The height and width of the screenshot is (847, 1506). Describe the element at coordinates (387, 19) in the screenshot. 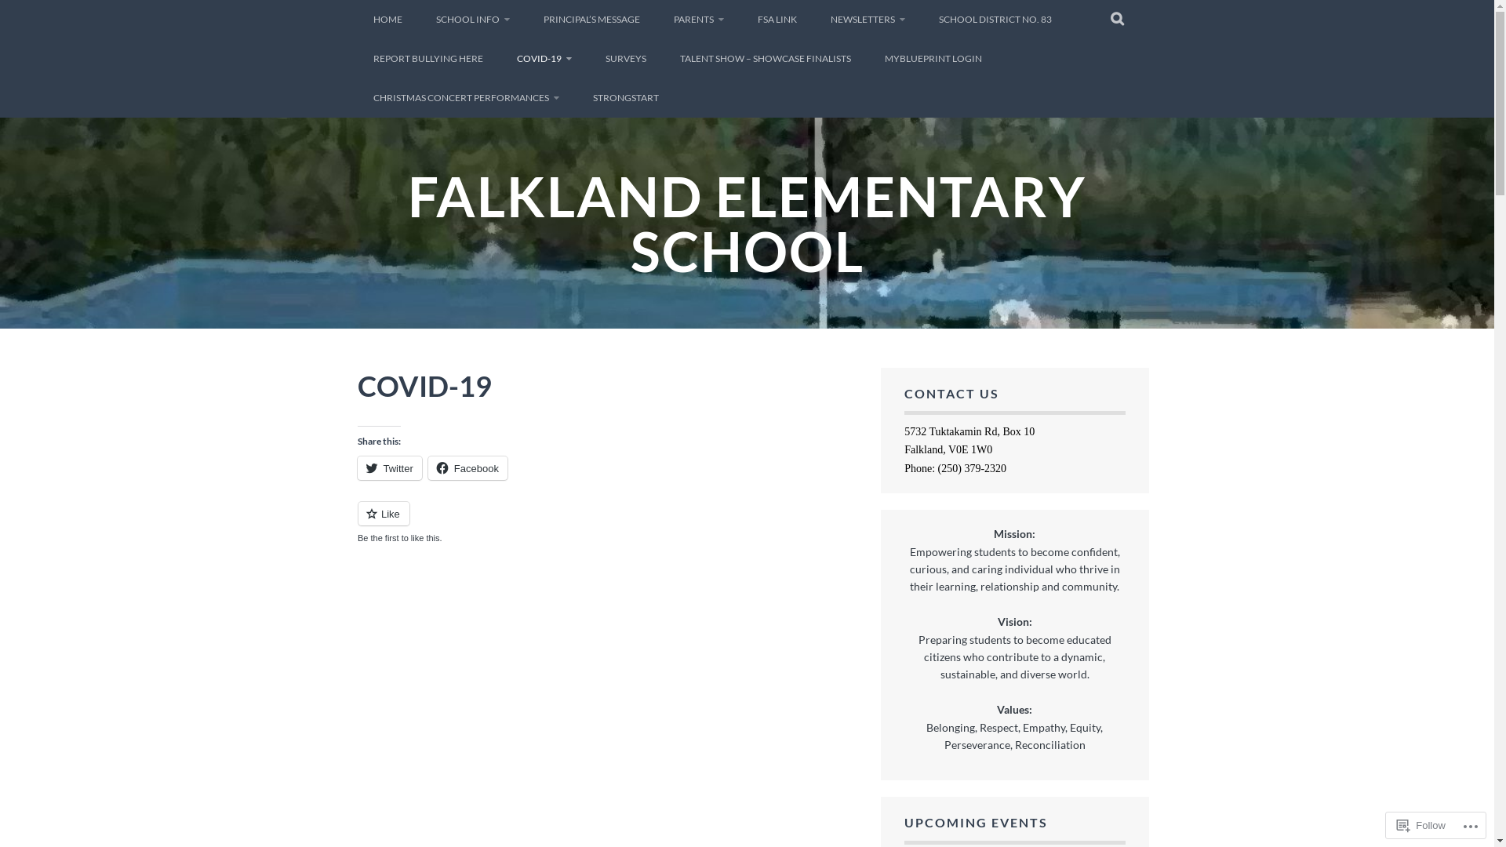

I see `'HOME'` at that location.